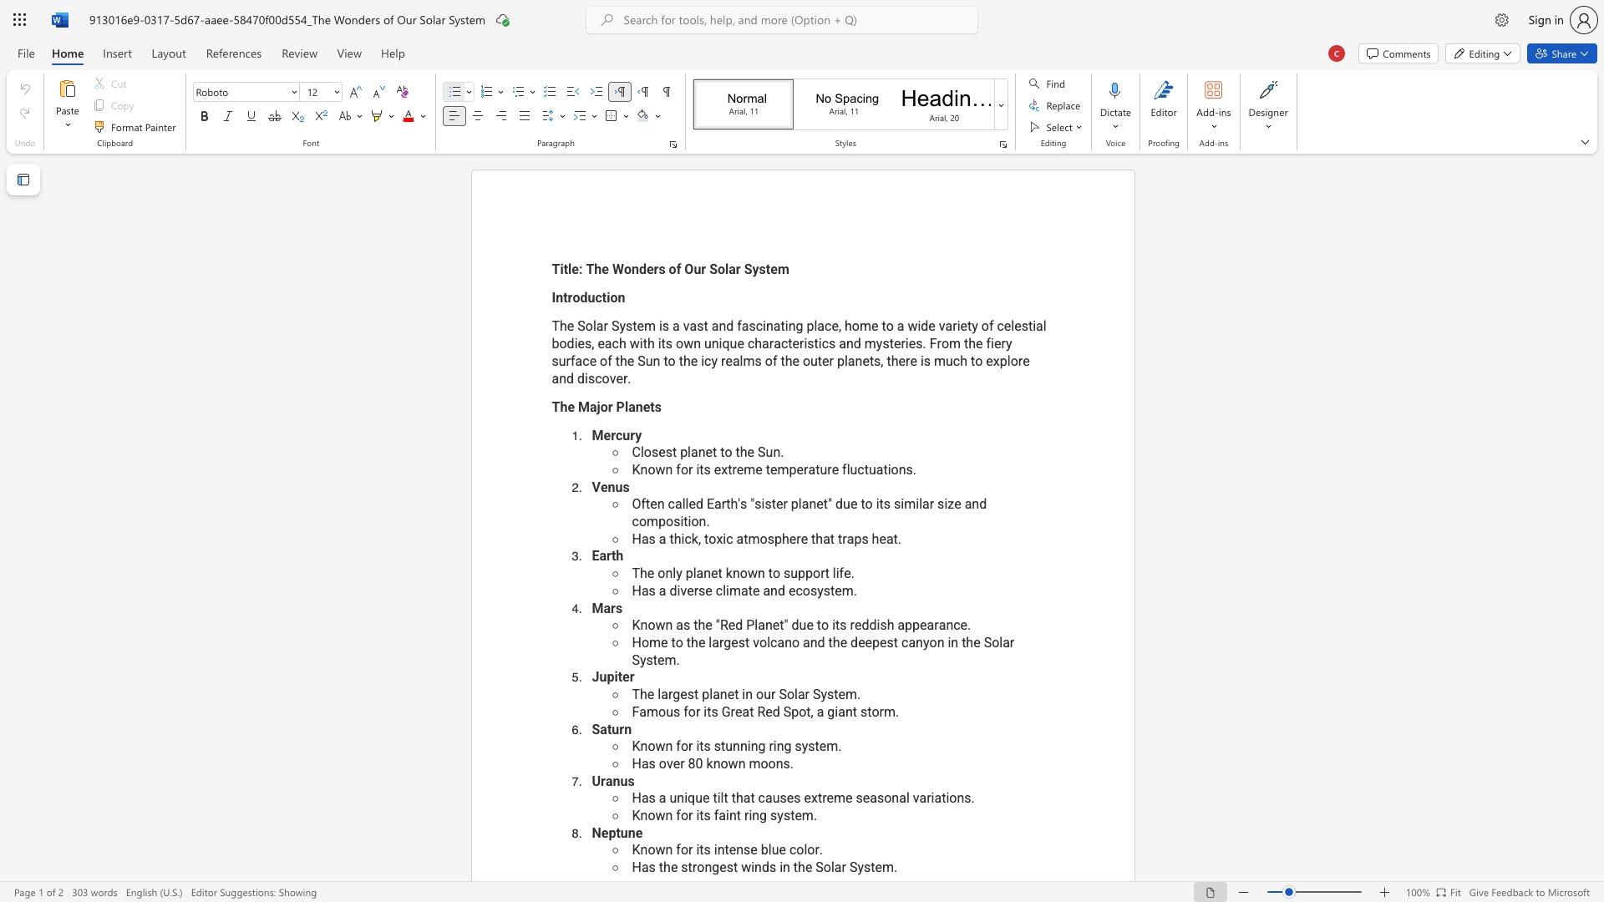 The image size is (1604, 902). I want to click on the 1th character "o" in the text, so click(662, 763).